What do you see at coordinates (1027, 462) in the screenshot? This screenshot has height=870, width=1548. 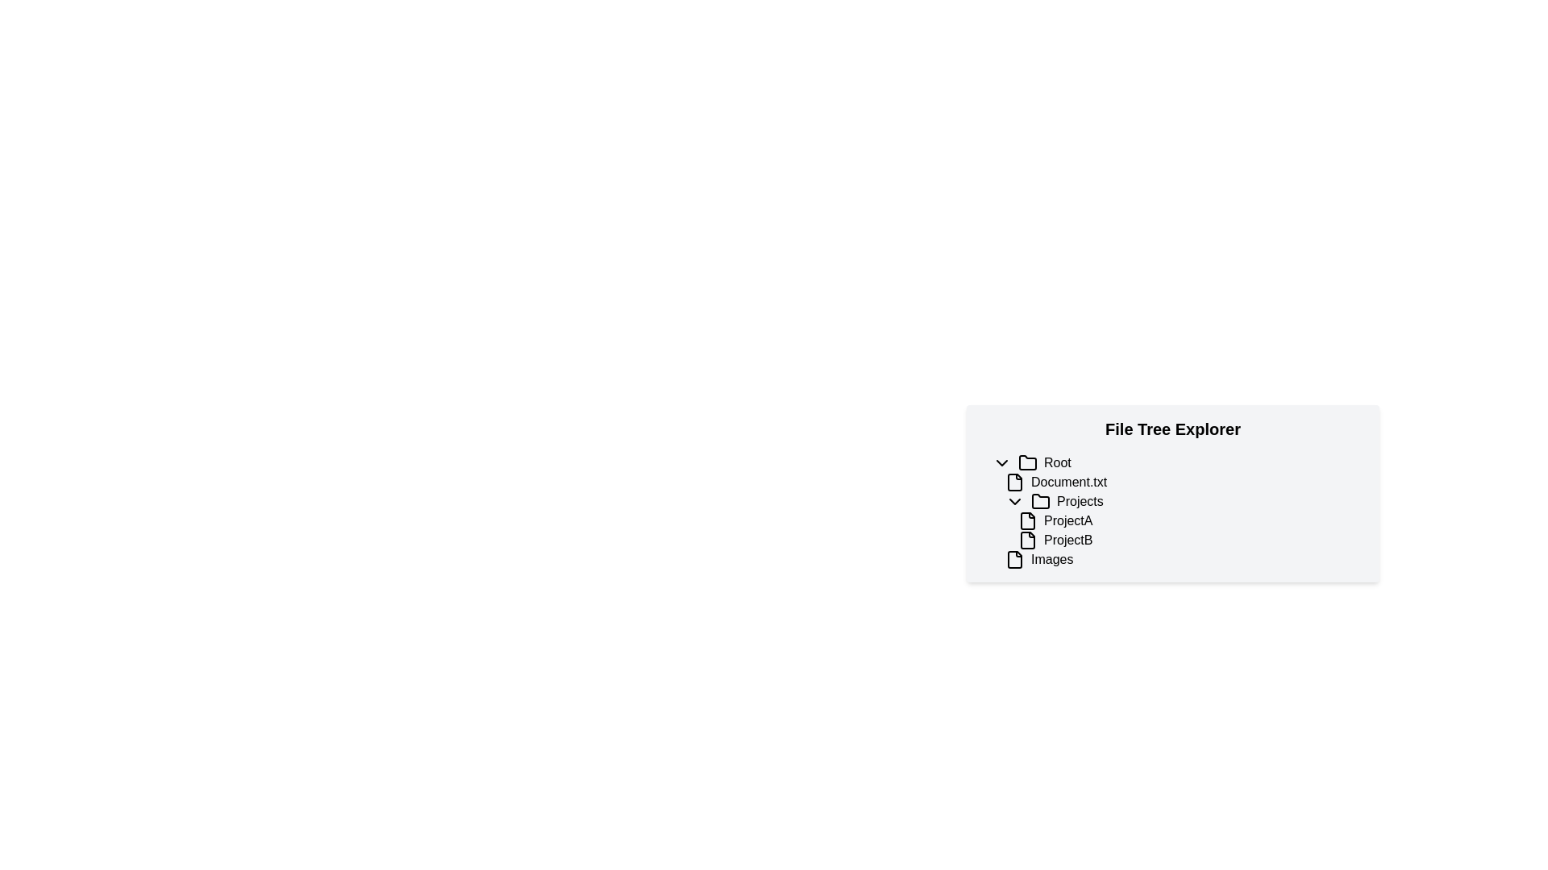 I see `the folder icon, which is outlined in style and located next to the text 'Root'` at bounding box center [1027, 462].